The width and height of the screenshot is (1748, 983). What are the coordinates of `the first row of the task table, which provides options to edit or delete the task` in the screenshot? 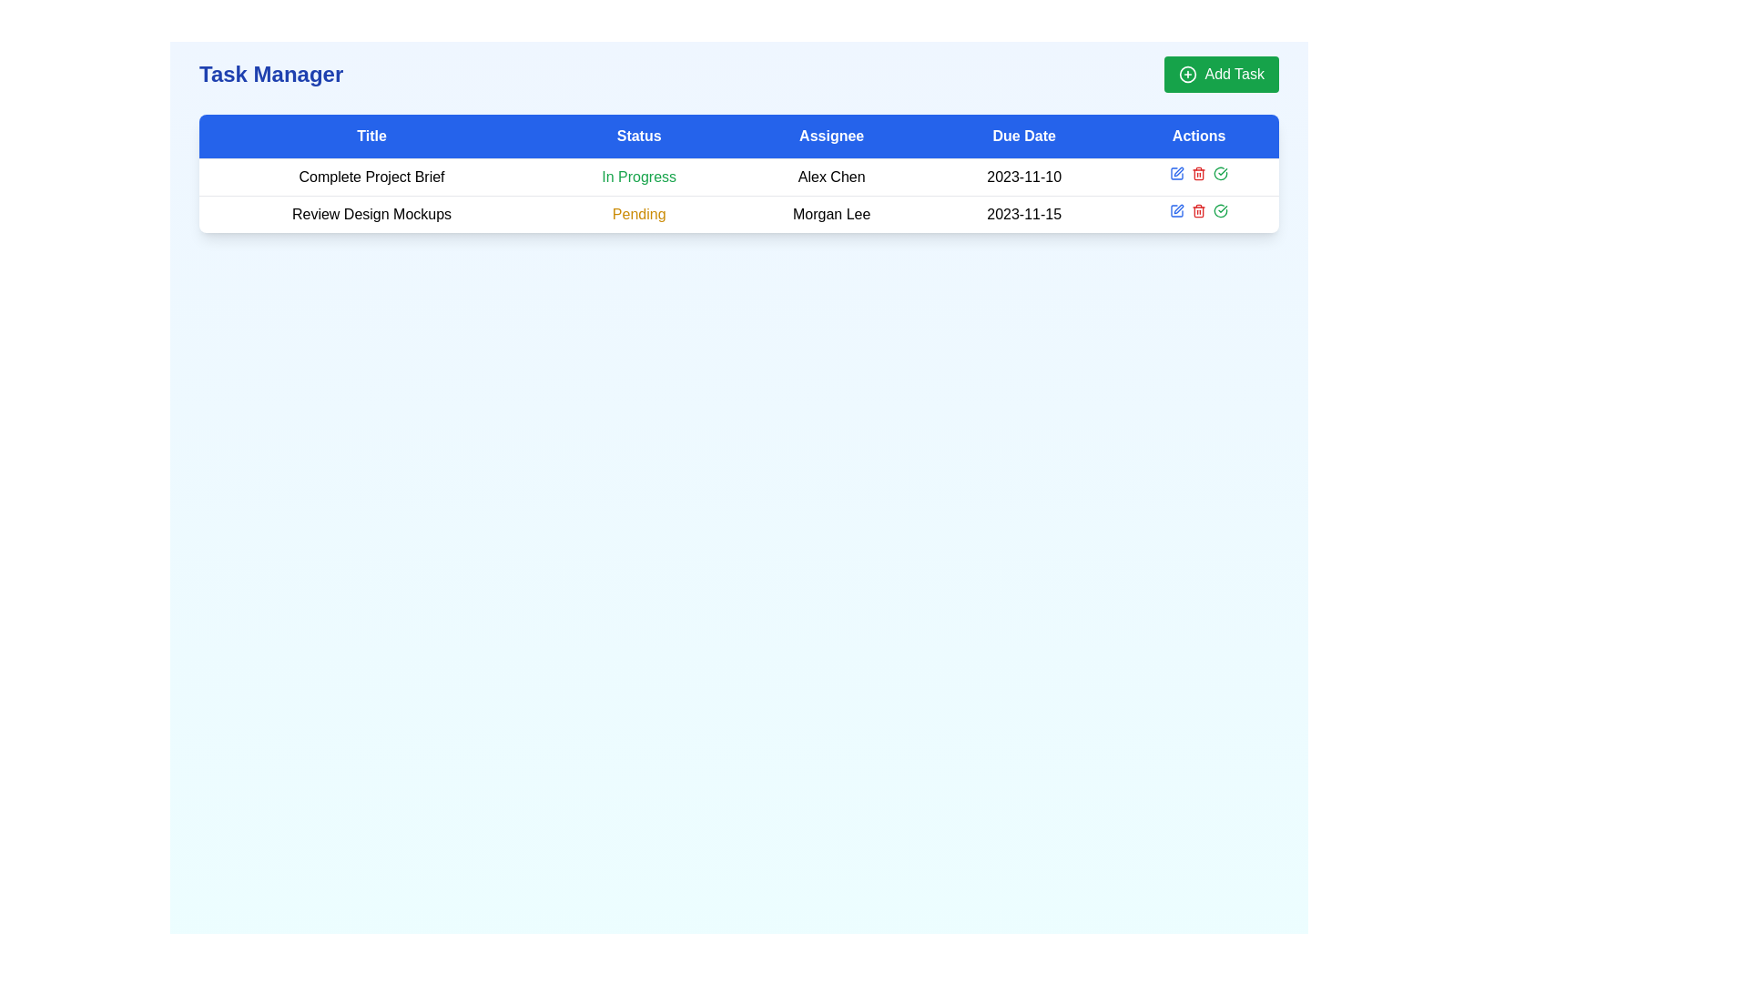 It's located at (738, 177).